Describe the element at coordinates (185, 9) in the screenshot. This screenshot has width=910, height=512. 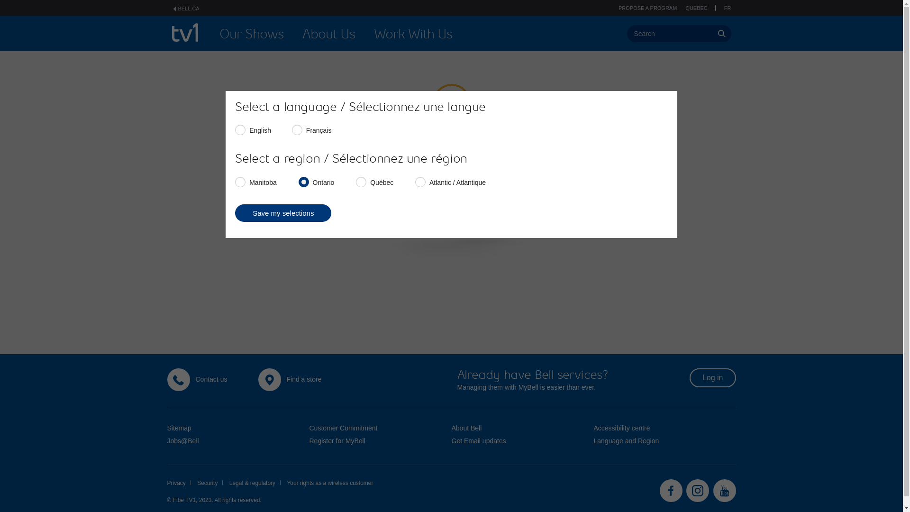
I see `'BELL.CA'` at that location.